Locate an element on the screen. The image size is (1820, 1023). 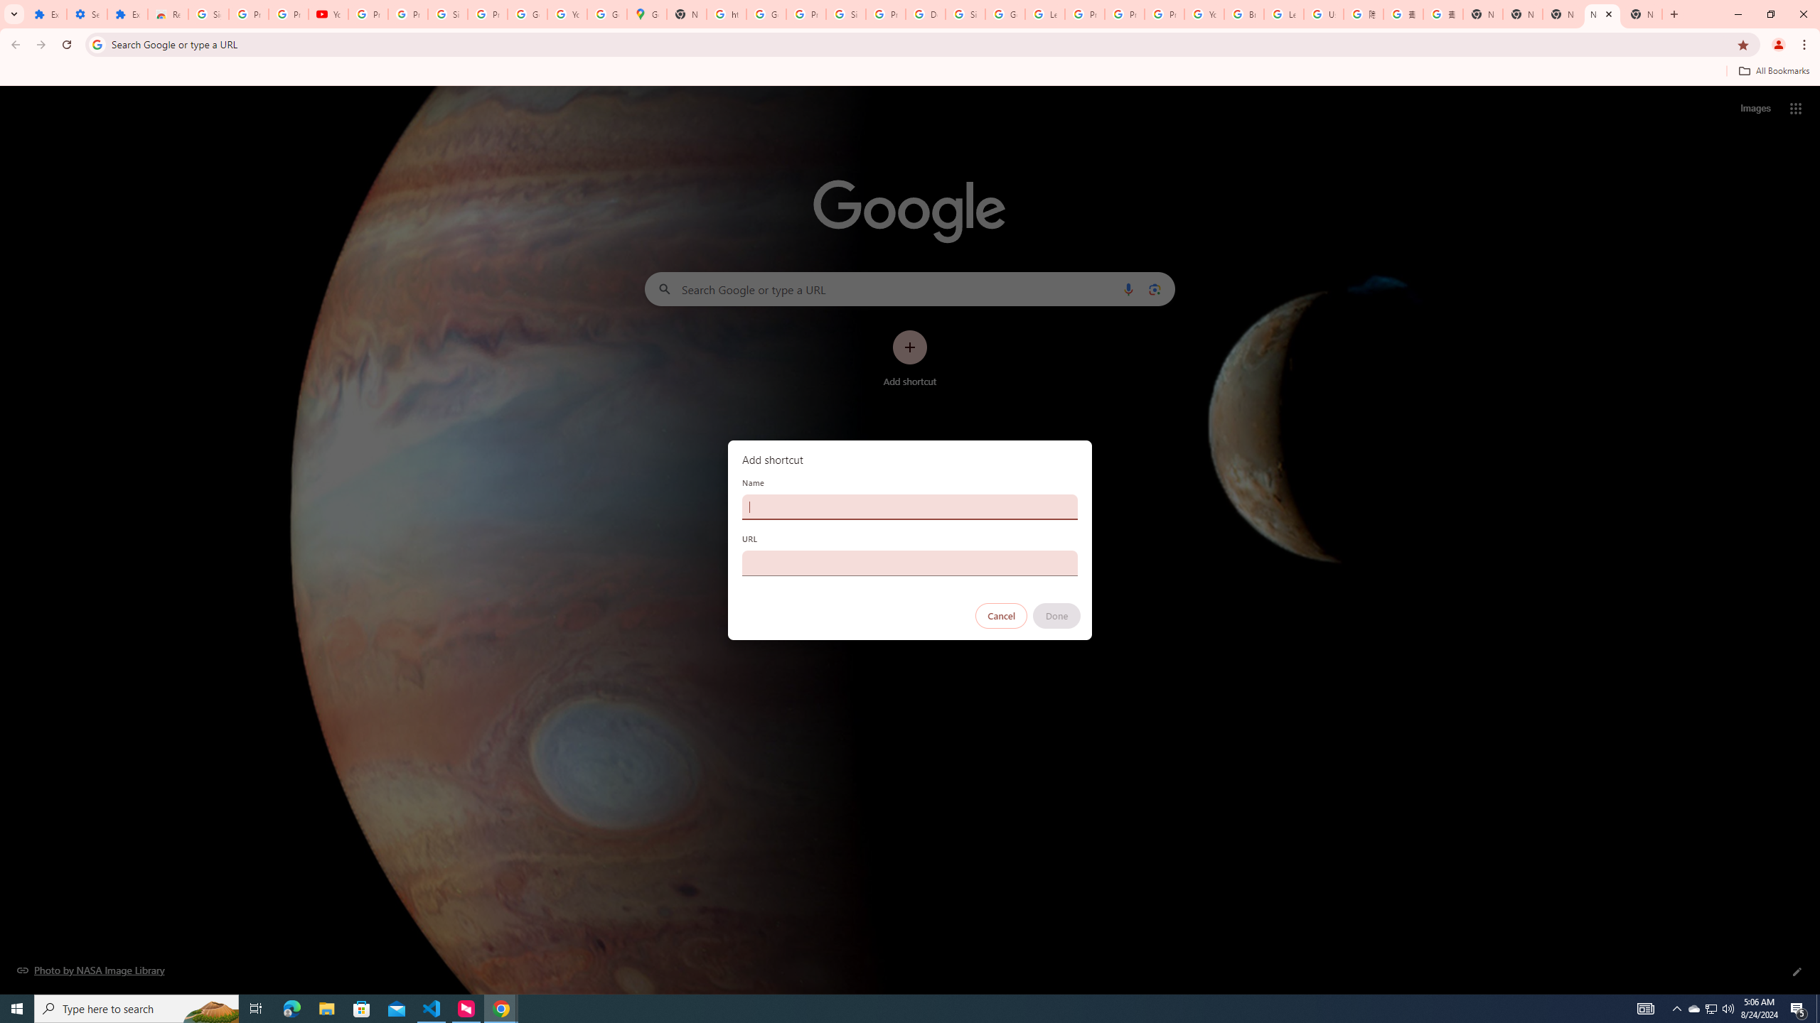
'Name' is located at coordinates (910, 506).